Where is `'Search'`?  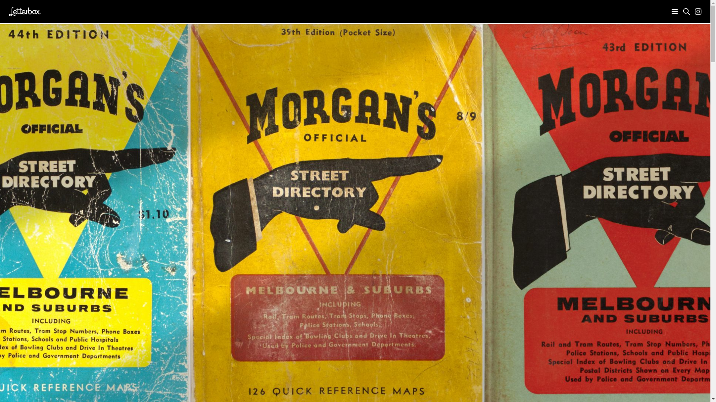
'Search' is located at coordinates (686, 11).